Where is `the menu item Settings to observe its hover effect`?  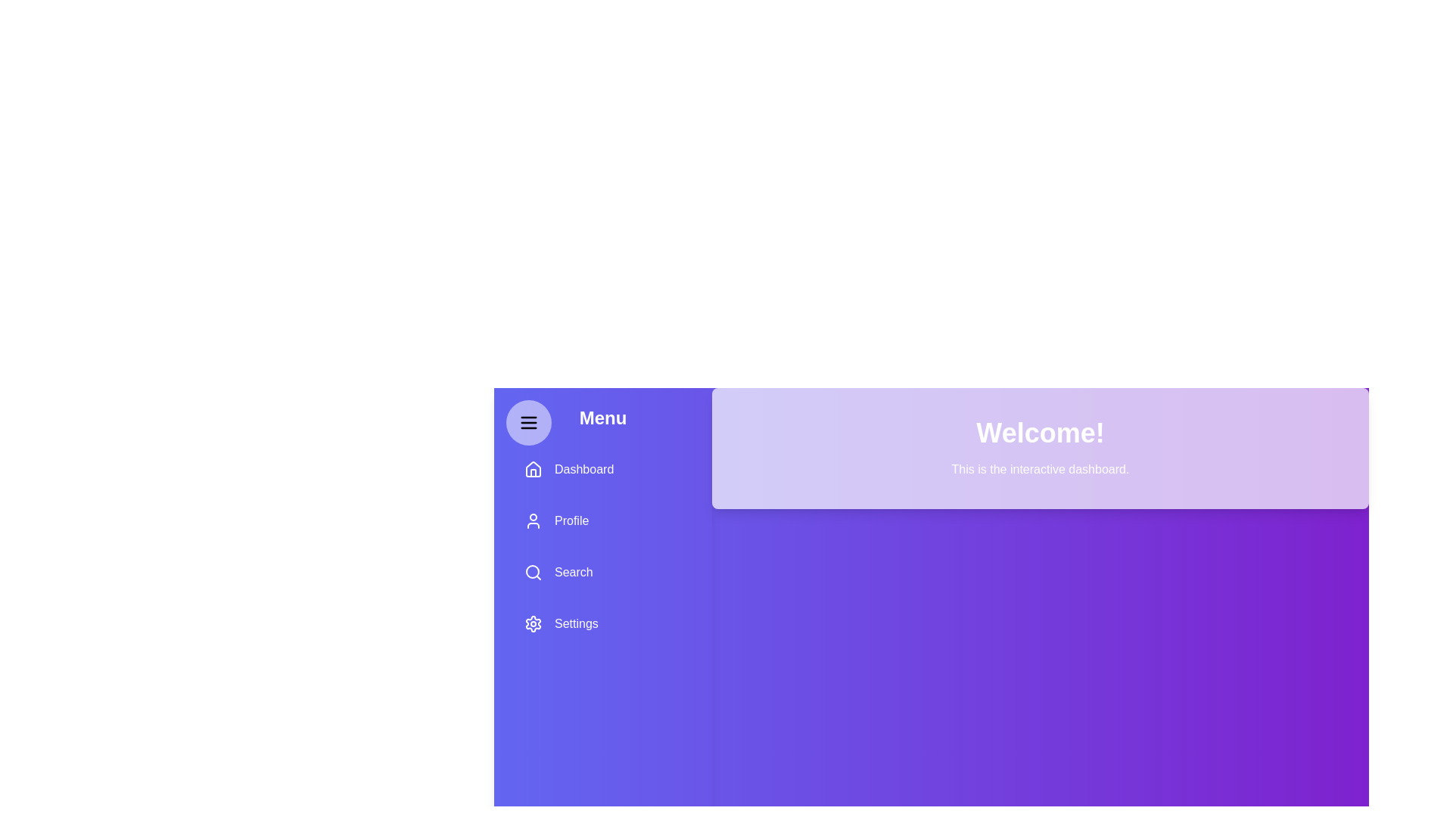
the menu item Settings to observe its hover effect is located at coordinates (602, 624).